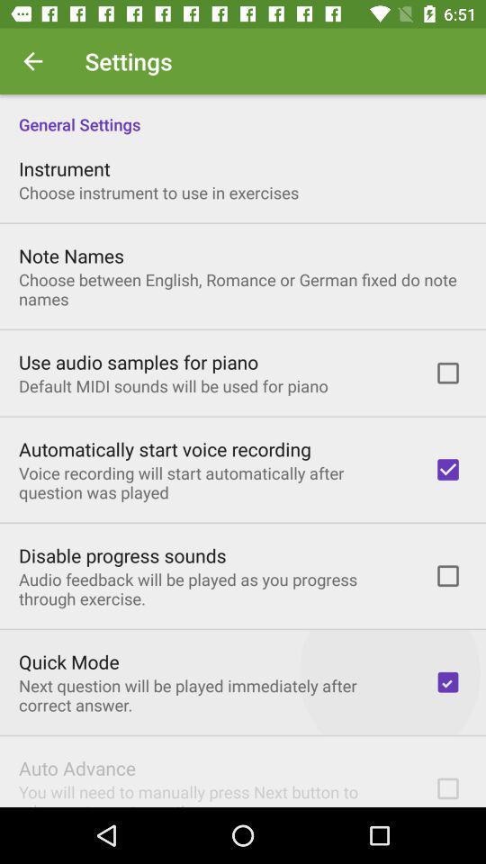  What do you see at coordinates (67, 661) in the screenshot?
I see `quick mode icon` at bounding box center [67, 661].